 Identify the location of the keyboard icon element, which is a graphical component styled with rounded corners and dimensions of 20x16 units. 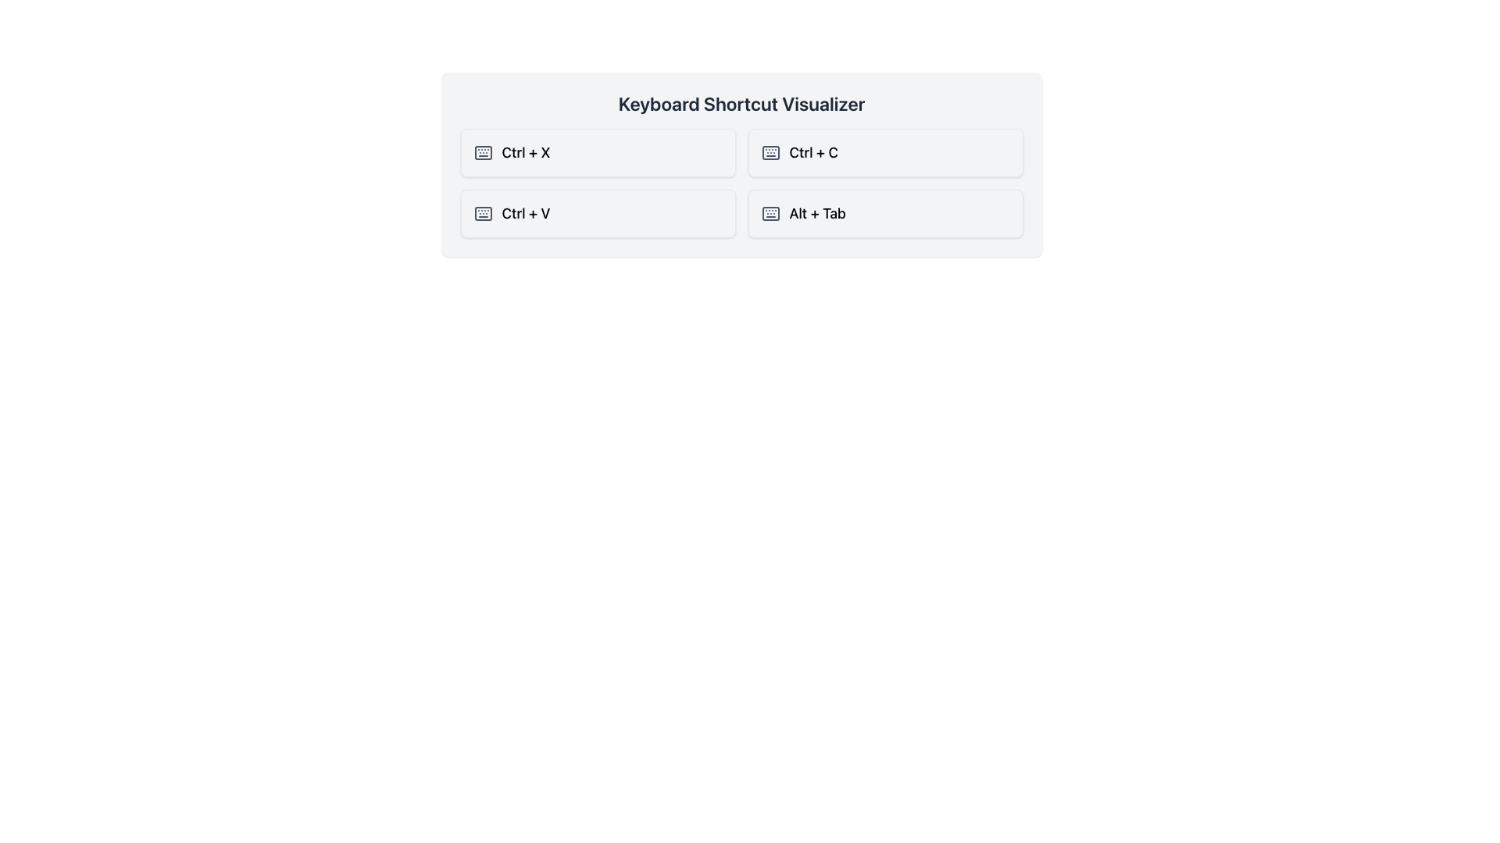
(770, 153).